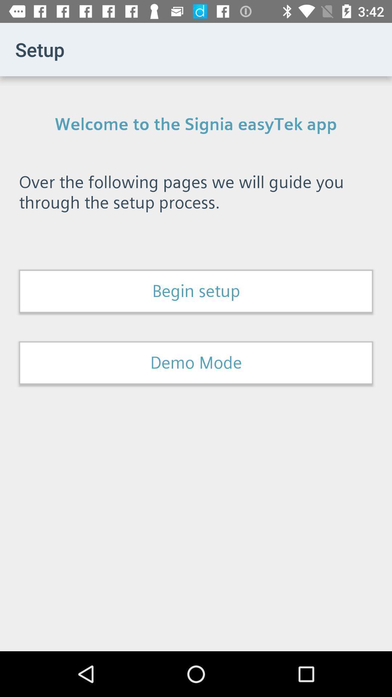  Describe the element at coordinates (196, 291) in the screenshot. I see `the item above the demo mode item` at that location.